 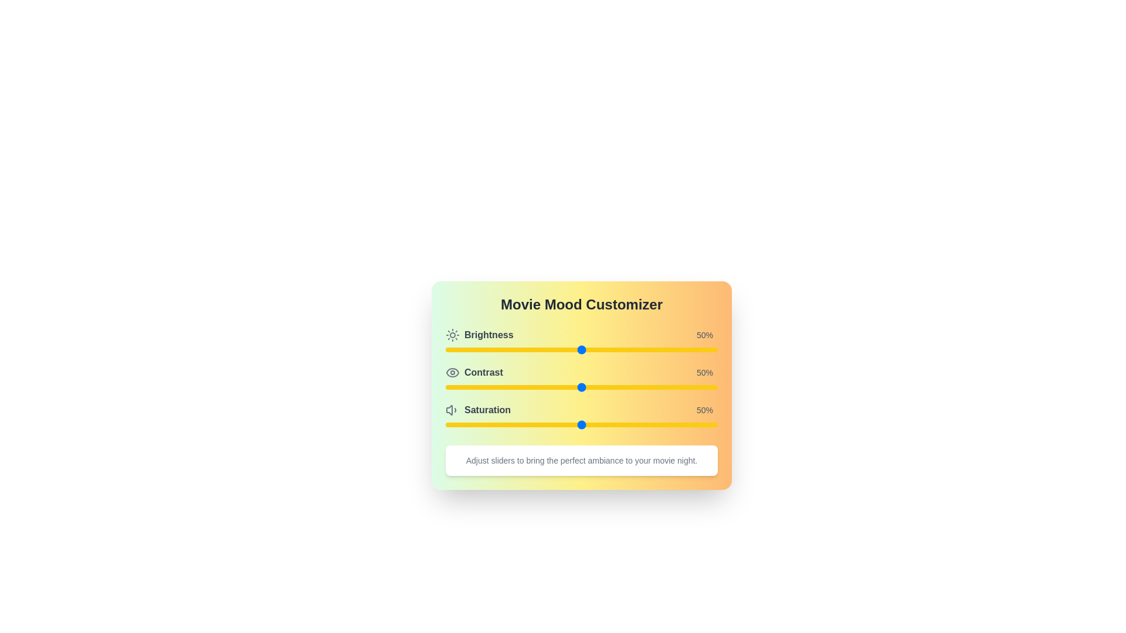 What do you see at coordinates (511, 425) in the screenshot?
I see `the saturation level` at bounding box center [511, 425].